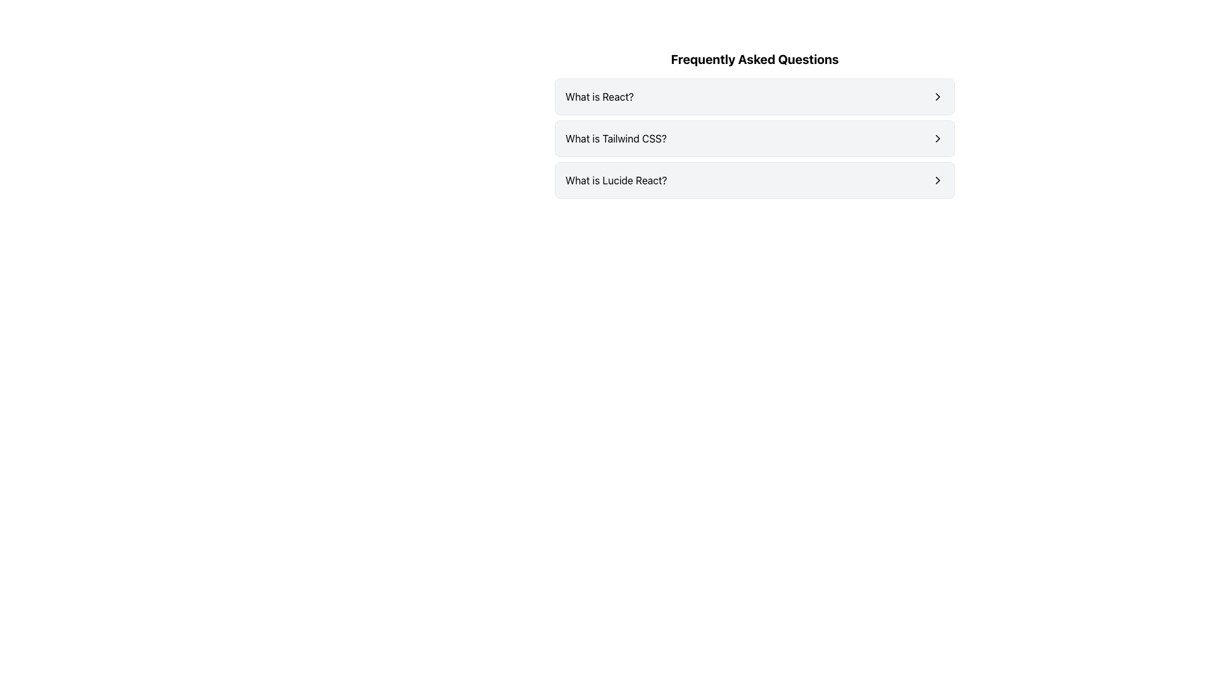  What do you see at coordinates (938, 139) in the screenshot?
I see `the small right-pointing chevron icon with a black stroke on a light gray background, located at the far right of the list item 'What is Tailwind CSS?'` at bounding box center [938, 139].